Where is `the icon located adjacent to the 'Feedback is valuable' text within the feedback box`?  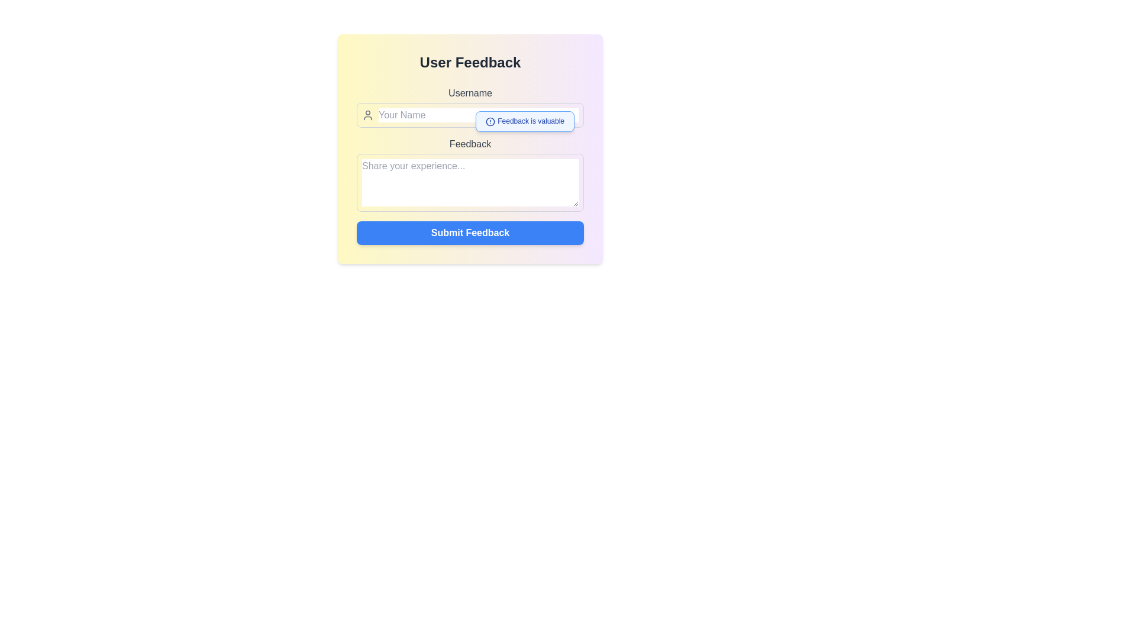 the icon located adjacent to the 'Feedback is valuable' text within the feedback box is located at coordinates (490, 121).